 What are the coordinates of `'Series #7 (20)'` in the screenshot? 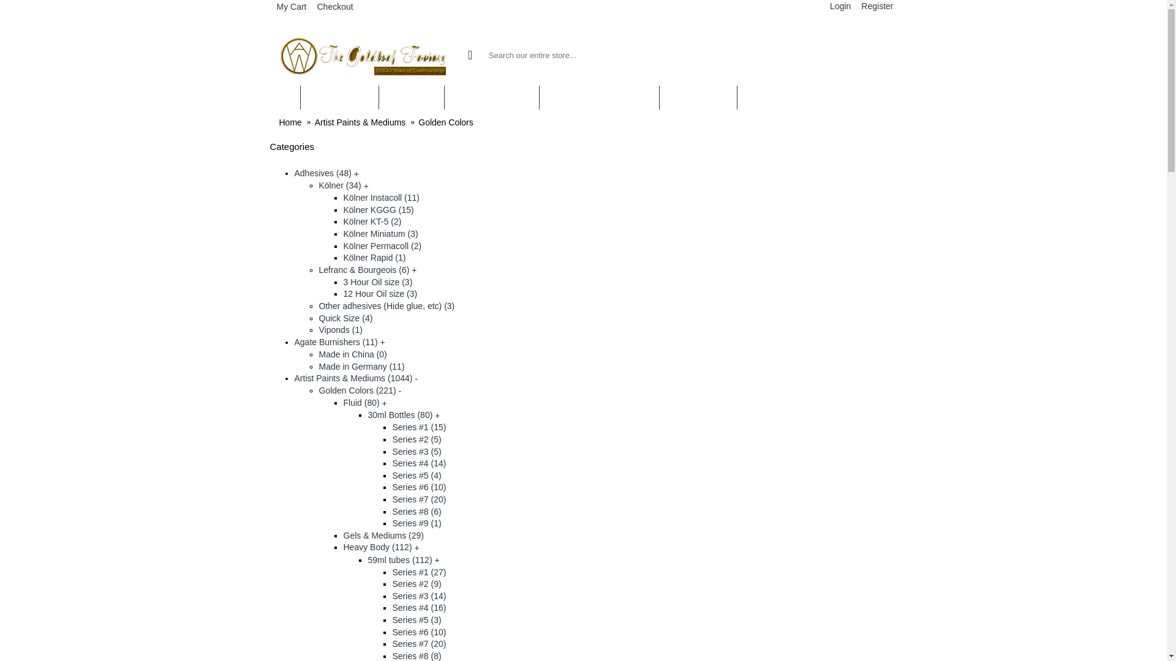 It's located at (418, 643).